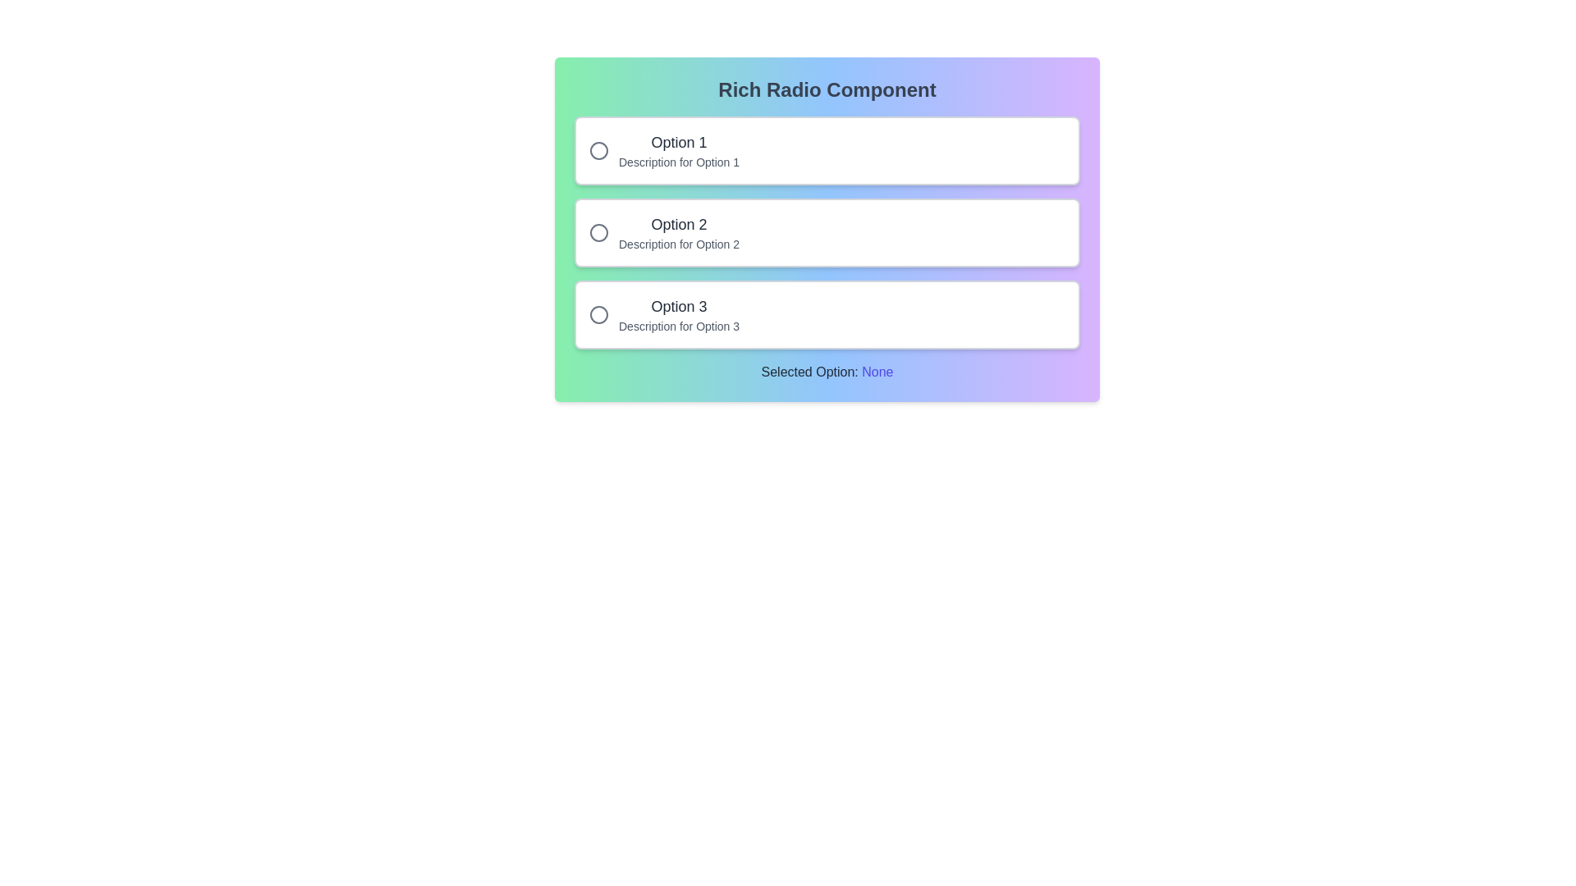 Image resolution: width=1576 pixels, height=886 pixels. What do you see at coordinates (877, 372) in the screenshot?
I see `the text label displaying 'None' in indigo color, which is part of the phrase 'Selected Option: None' located centrally below the grouped options` at bounding box center [877, 372].